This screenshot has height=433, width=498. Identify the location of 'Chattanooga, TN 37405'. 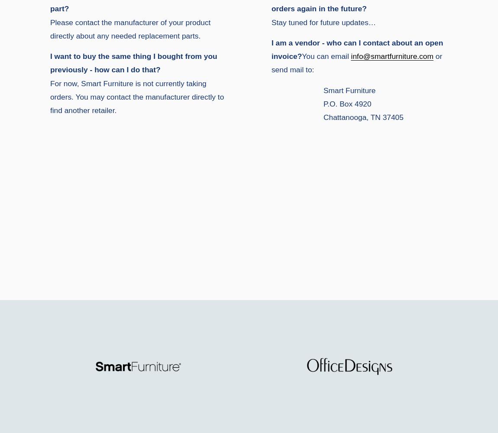
(362, 117).